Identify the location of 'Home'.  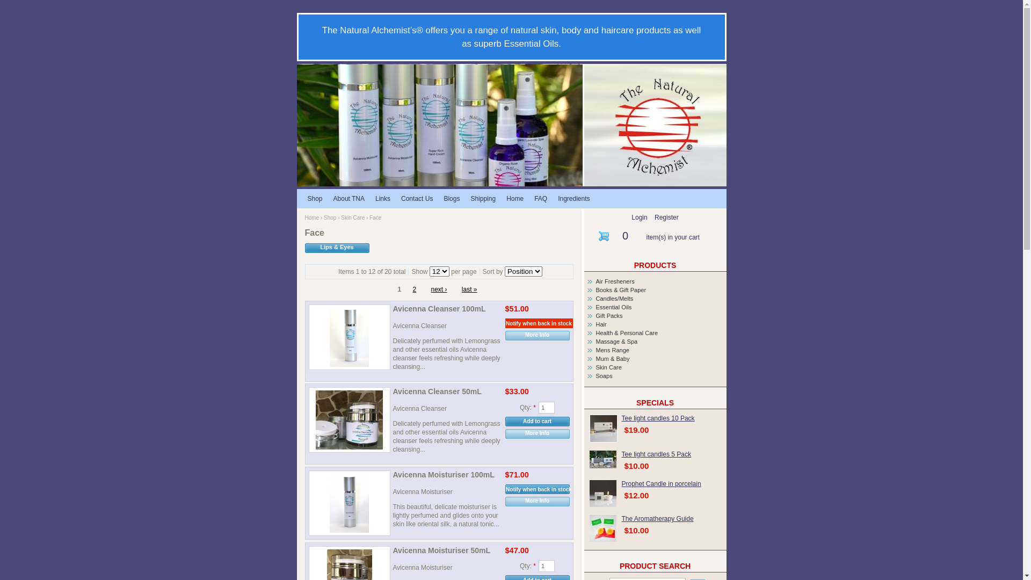
(304, 218).